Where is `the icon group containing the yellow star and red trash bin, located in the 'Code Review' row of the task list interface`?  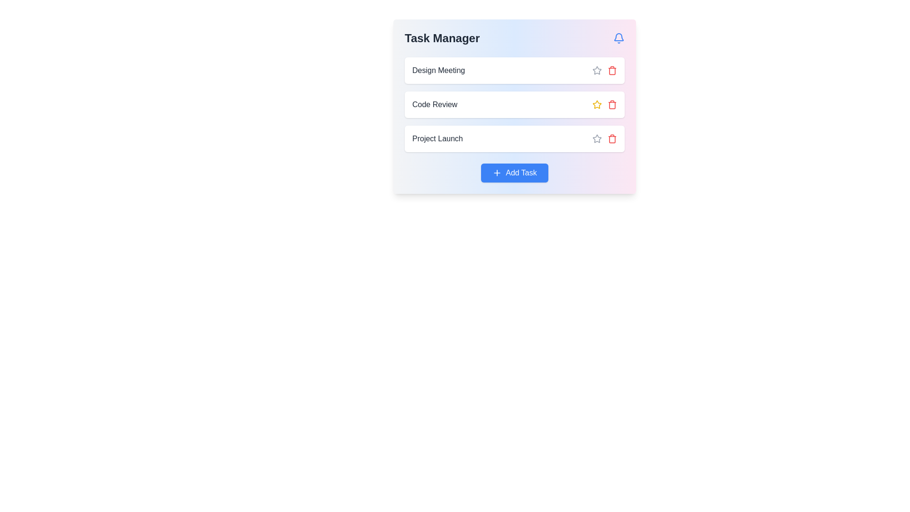
the icon group containing the yellow star and red trash bin, located in the 'Code Review' row of the task list interface is located at coordinates (604, 104).